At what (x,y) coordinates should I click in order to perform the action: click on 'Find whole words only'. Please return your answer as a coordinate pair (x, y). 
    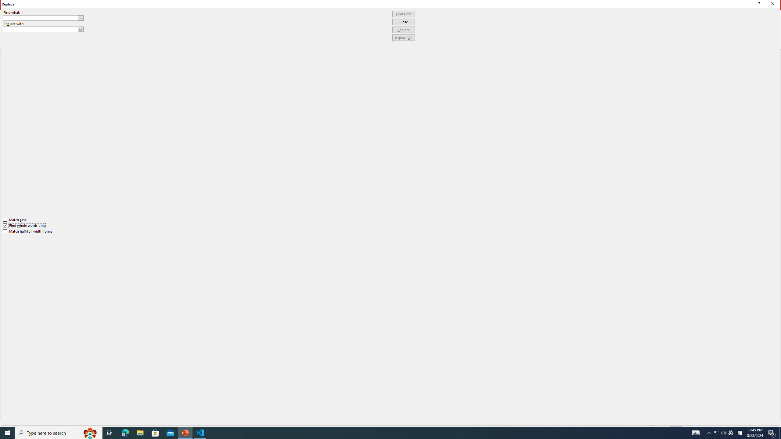
    Looking at the image, I should click on (24, 225).